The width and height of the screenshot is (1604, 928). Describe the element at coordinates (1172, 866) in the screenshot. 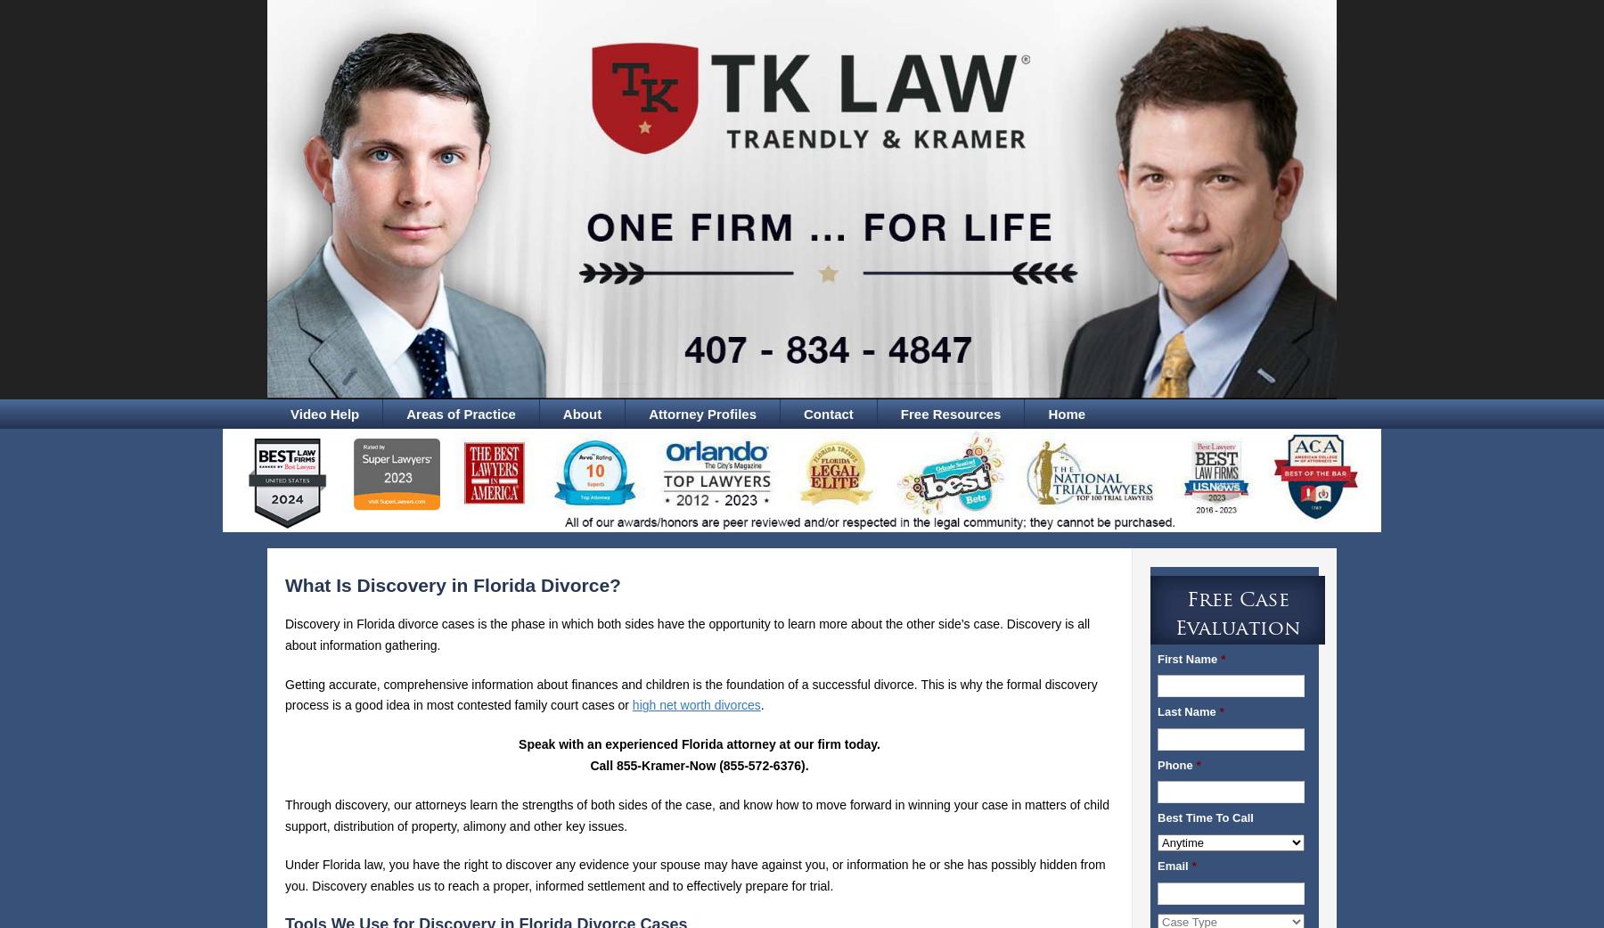

I see `'Email'` at that location.